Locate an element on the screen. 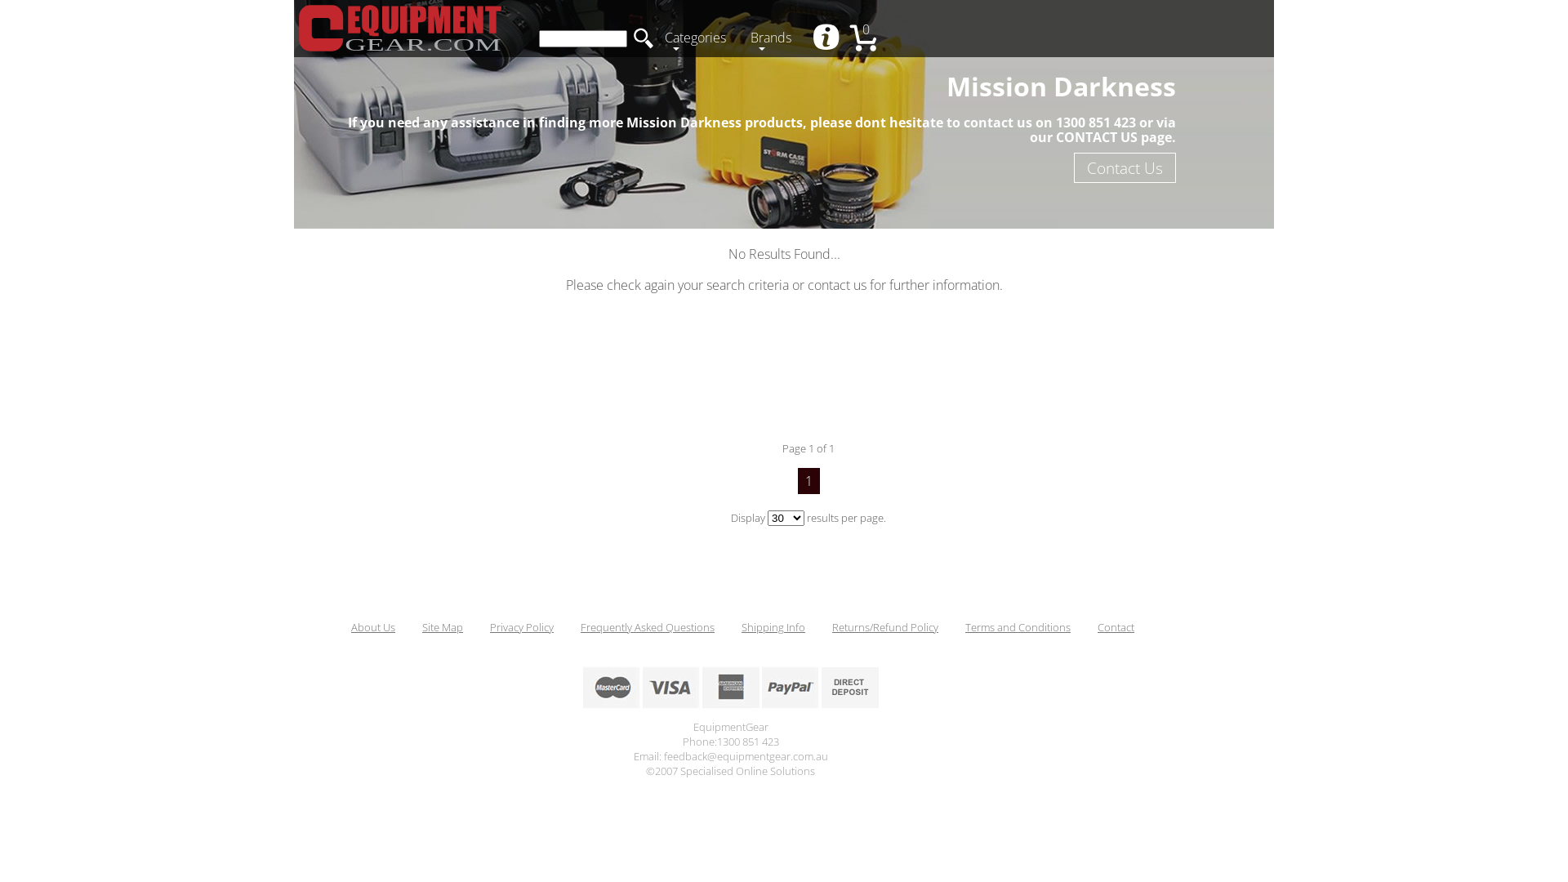  'About Us' is located at coordinates (827, 38).